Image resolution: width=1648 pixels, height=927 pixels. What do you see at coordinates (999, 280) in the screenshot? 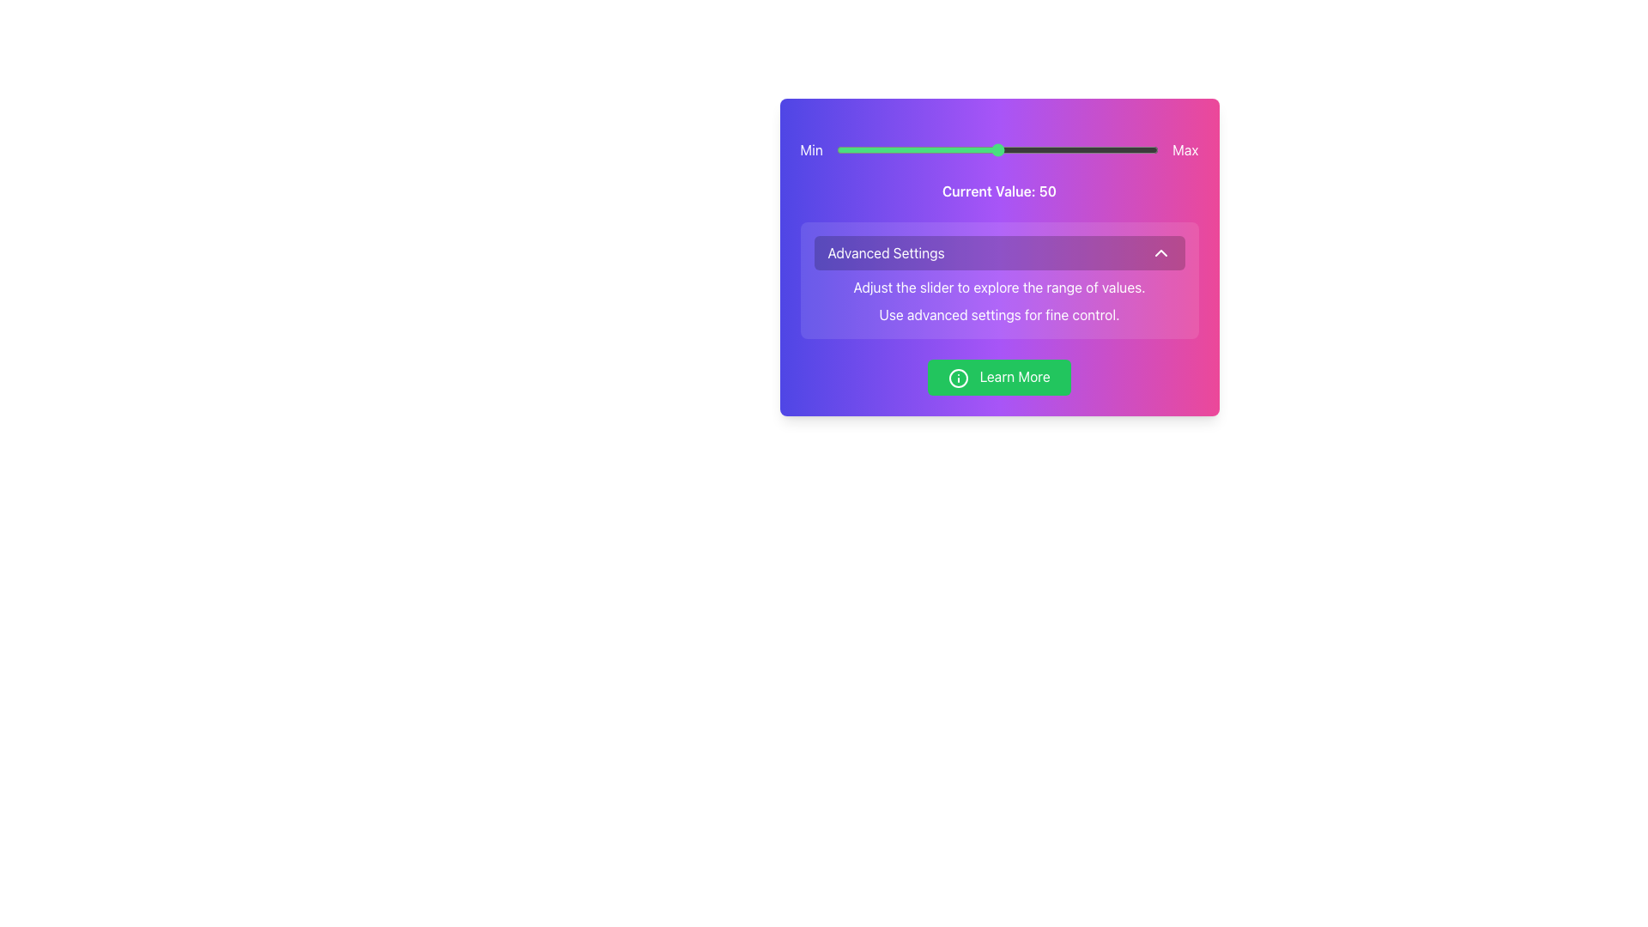
I see `the informational panel with the heading 'Advanced Settings'` at bounding box center [999, 280].